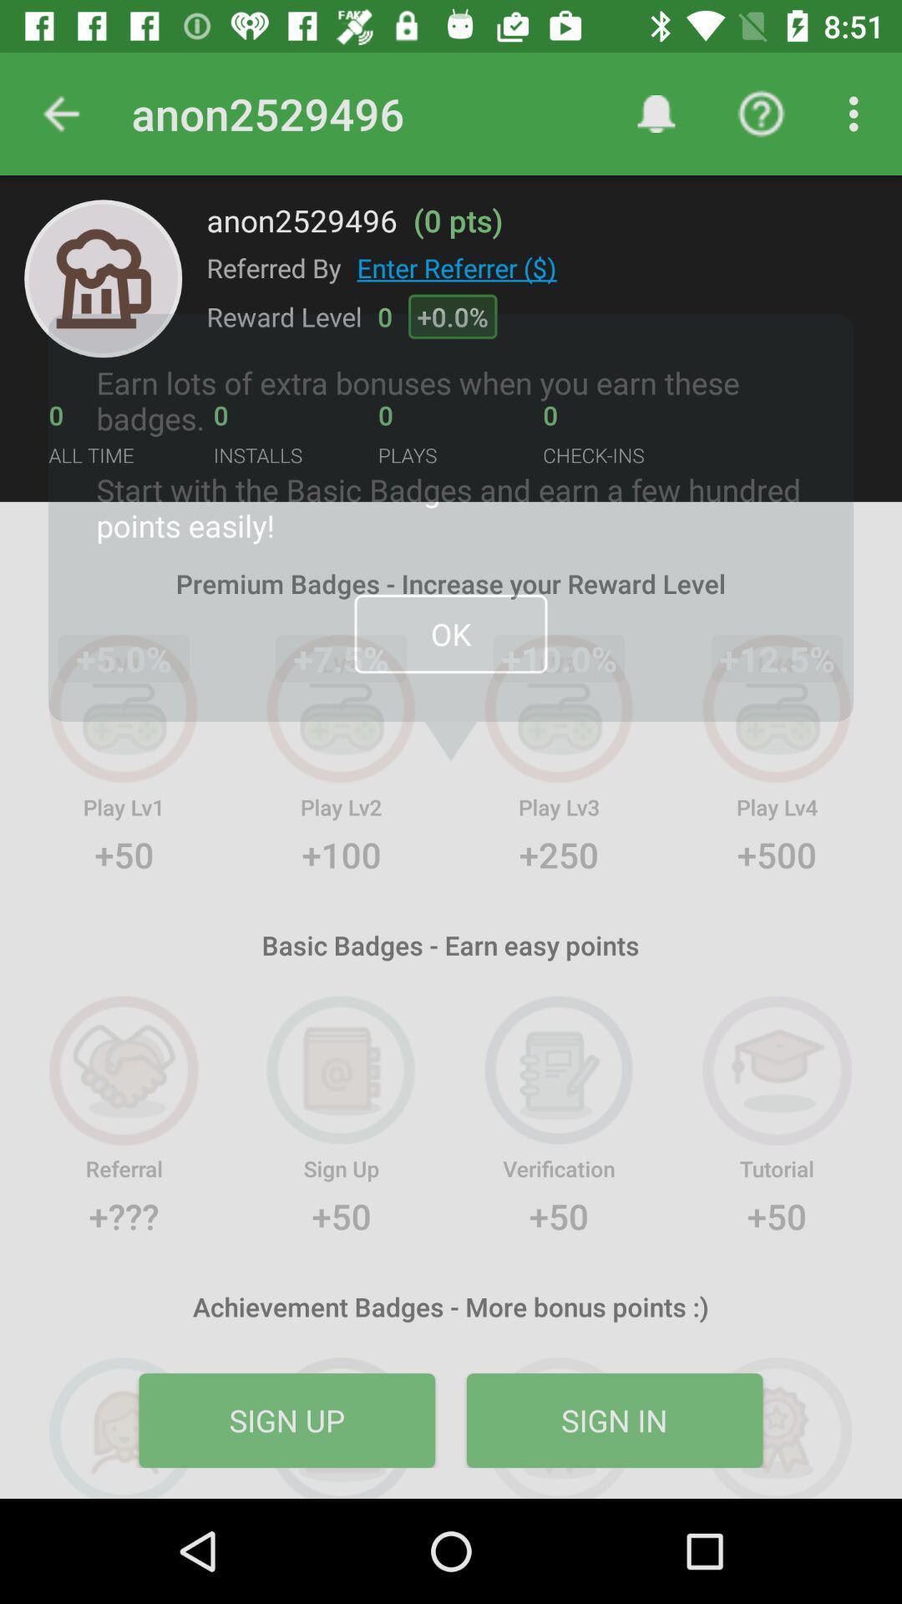  What do you see at coordinates (103, 278) in the screenshot?
I see `profile picture` at bounding box center [103, 278].